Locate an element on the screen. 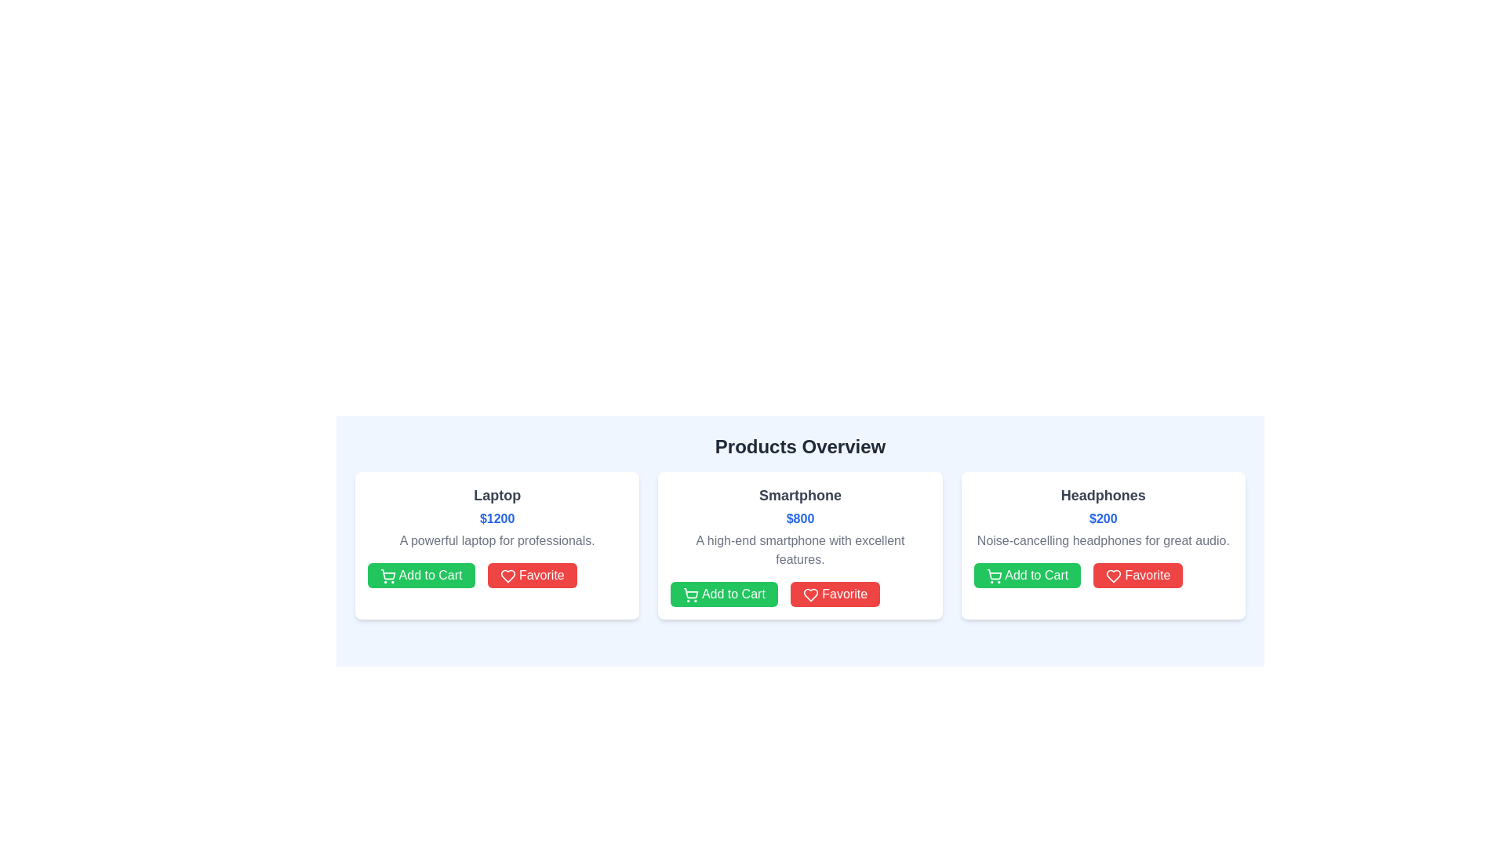 This screenshot has width=1506, height=847. the 'Smartphone' product card is located at coordinates (800, 544).